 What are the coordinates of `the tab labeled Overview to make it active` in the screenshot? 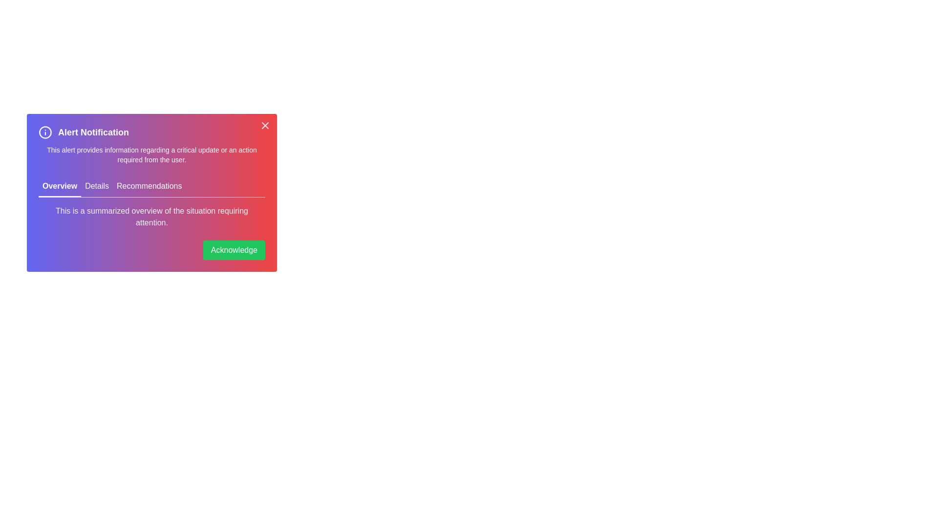 It's located at (59, 186).